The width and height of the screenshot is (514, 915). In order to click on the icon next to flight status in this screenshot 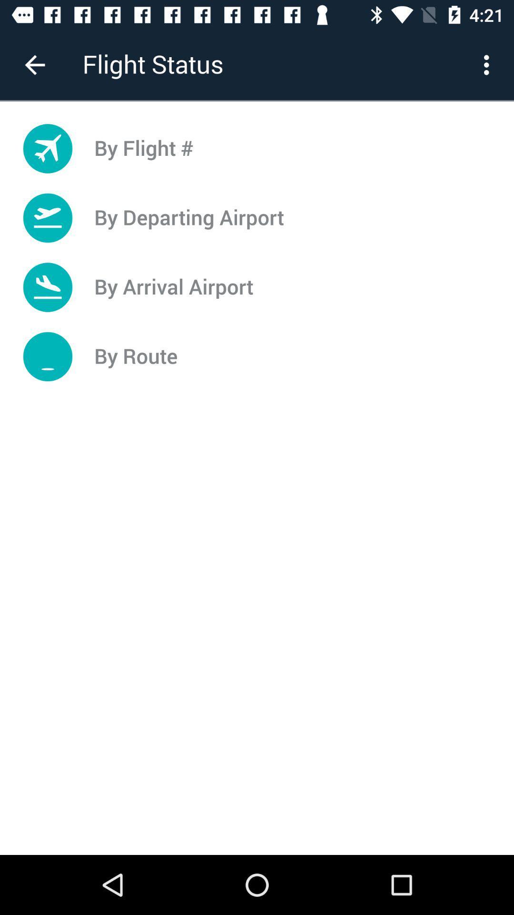, I will do `click(34, 64)`.